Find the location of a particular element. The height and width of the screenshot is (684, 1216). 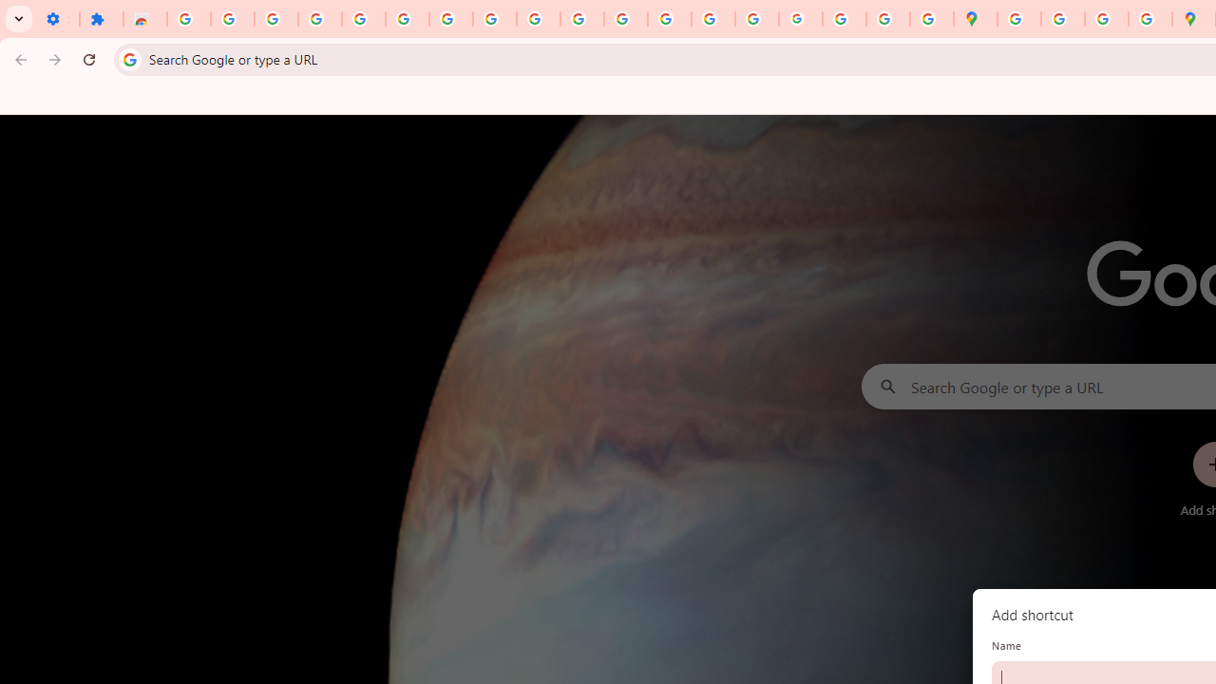

'Settings - On startup' is located at coordinates (57, 19).